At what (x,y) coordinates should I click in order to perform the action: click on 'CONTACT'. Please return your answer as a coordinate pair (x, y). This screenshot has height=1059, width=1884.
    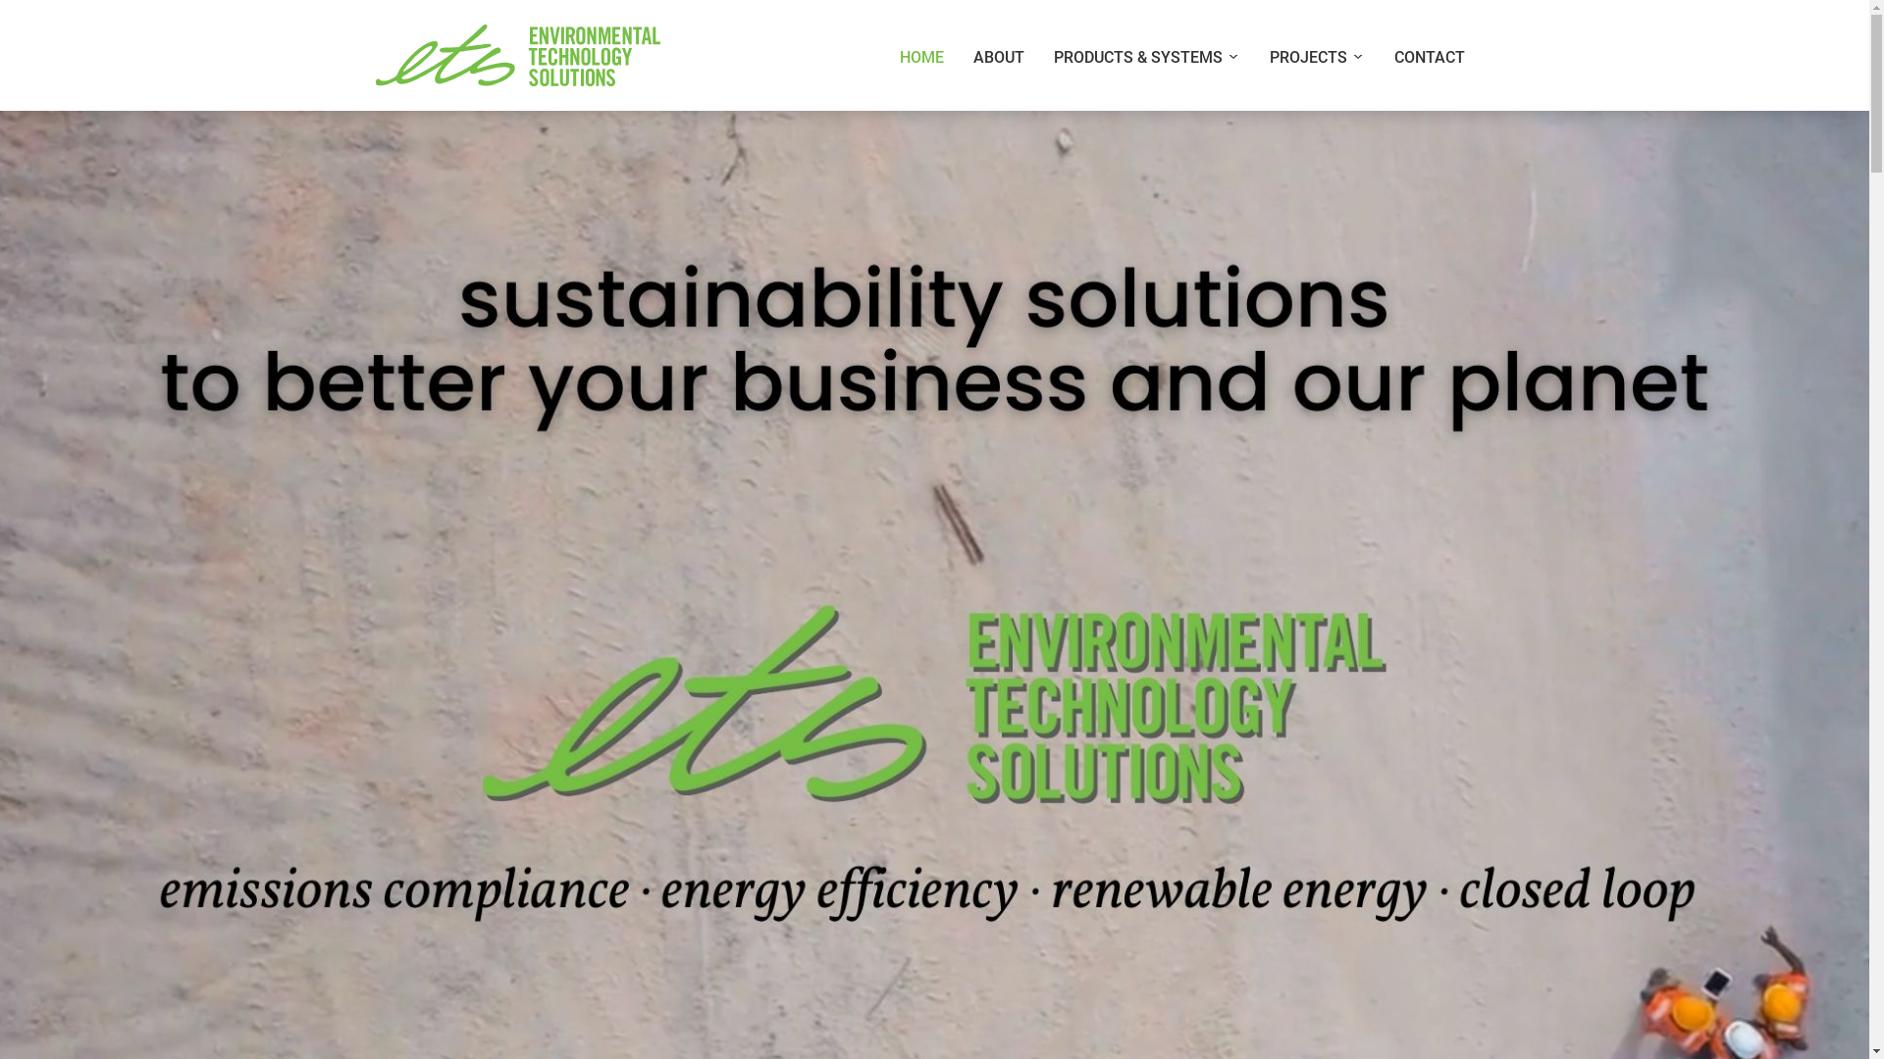
    Looking at the image, I should click on (1430, 56).